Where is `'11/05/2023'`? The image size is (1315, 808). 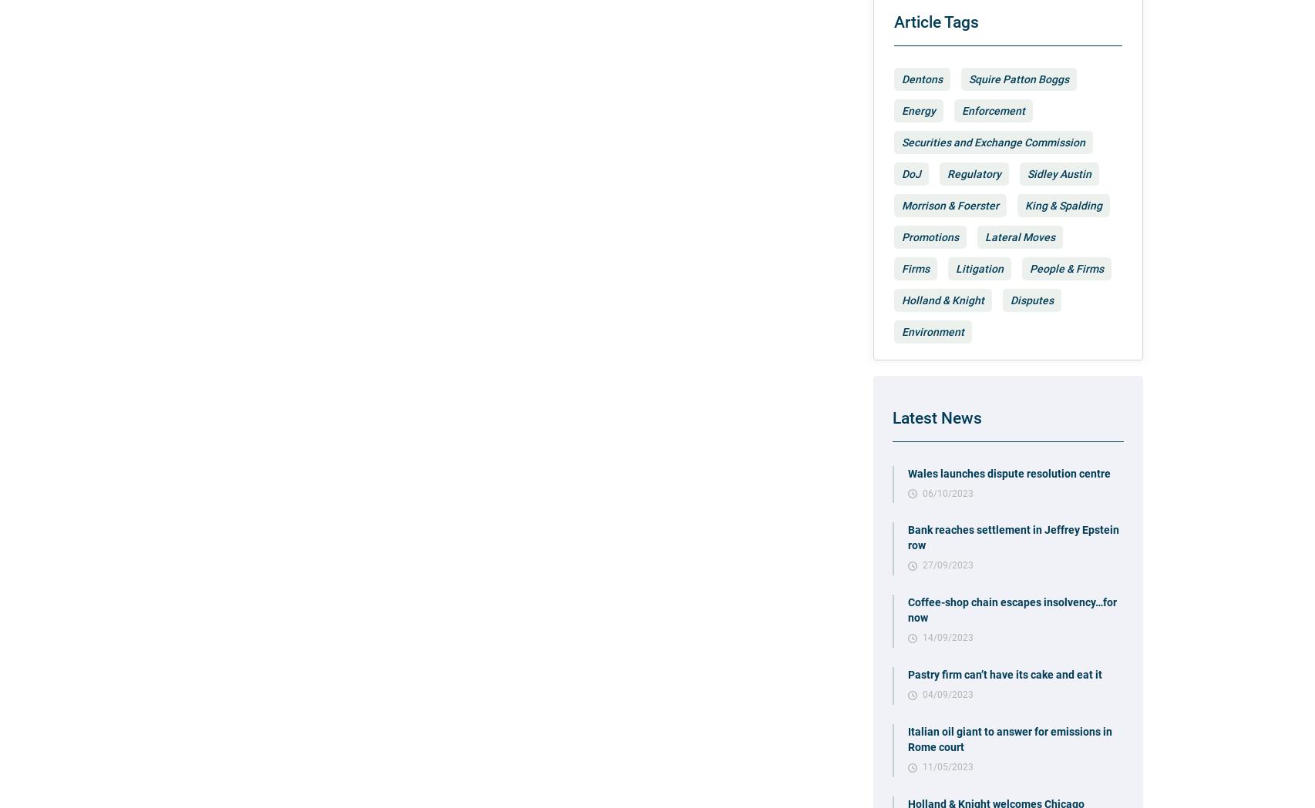
'11/05/2023' is located at coordinates (947, 765).